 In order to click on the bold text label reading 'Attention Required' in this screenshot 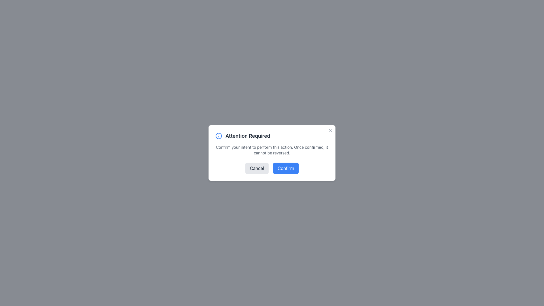, I will do `click(248, 136)`.